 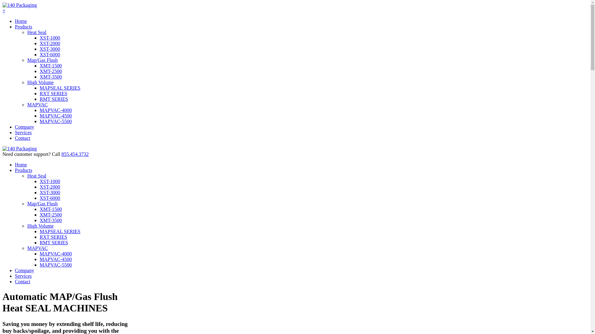 I want to click on 'Services', so click(x=23, y=132).